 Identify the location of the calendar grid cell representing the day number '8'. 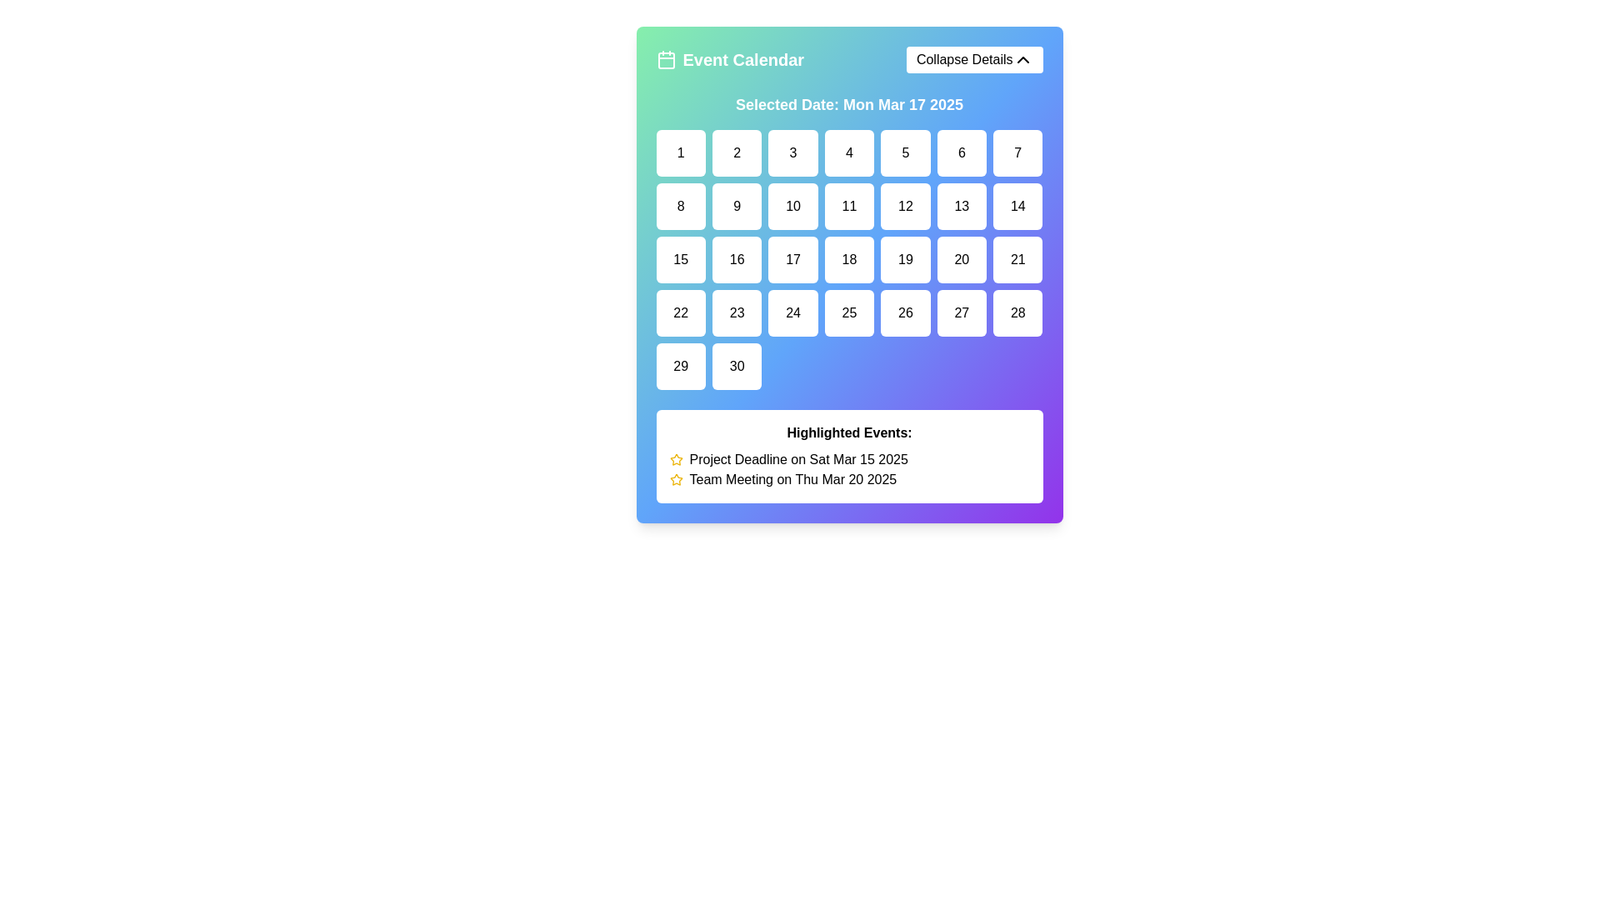
(681, 205).